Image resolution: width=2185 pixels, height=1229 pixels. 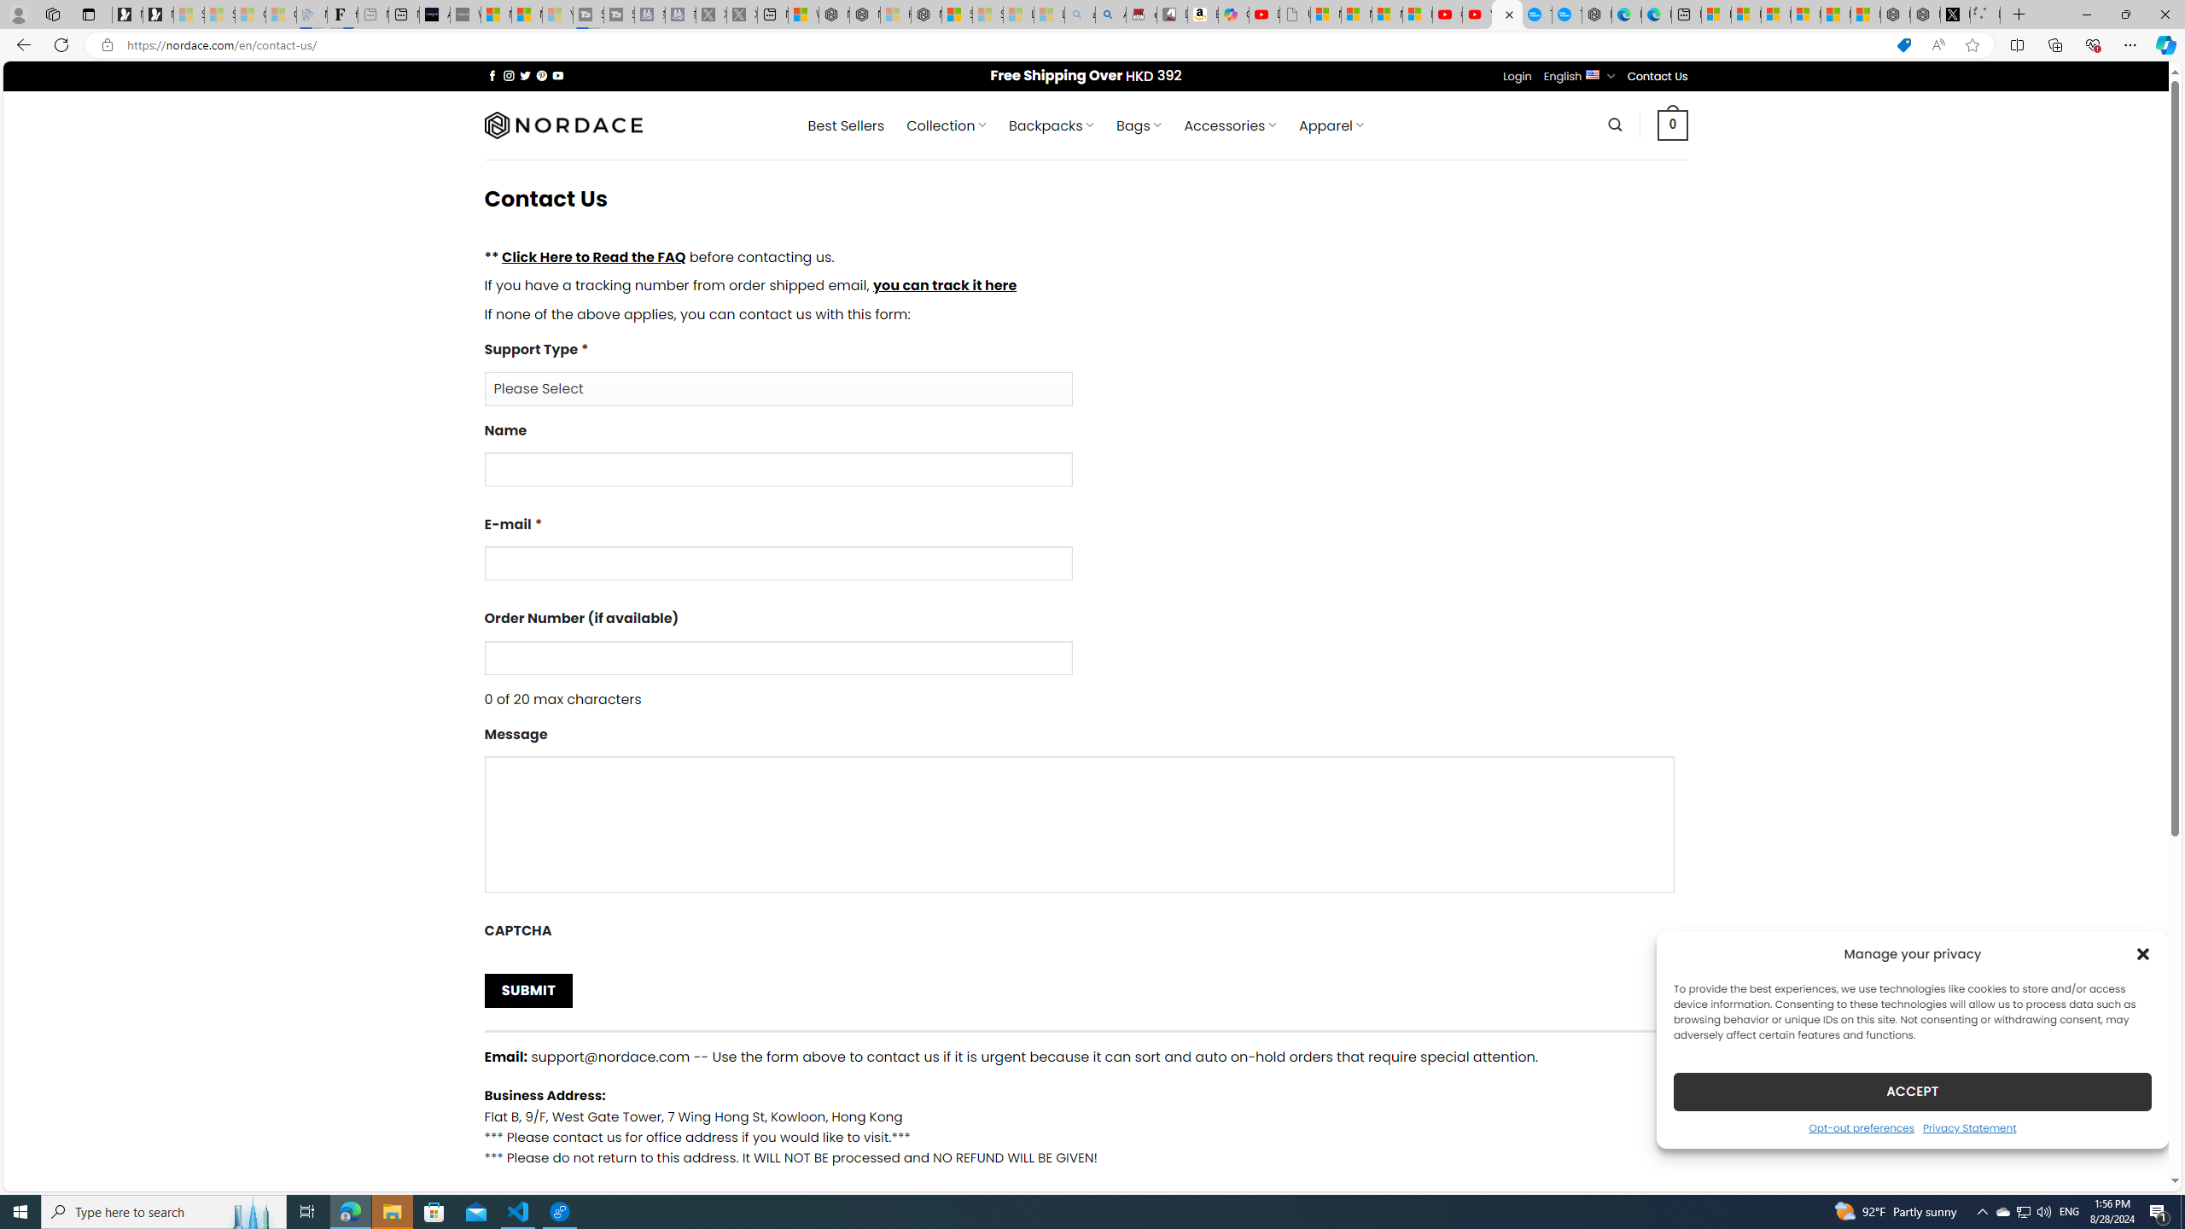 I want to click on 'This site has coupons! Shopping in Microsoft Edge', so click(x=1903, y=45).